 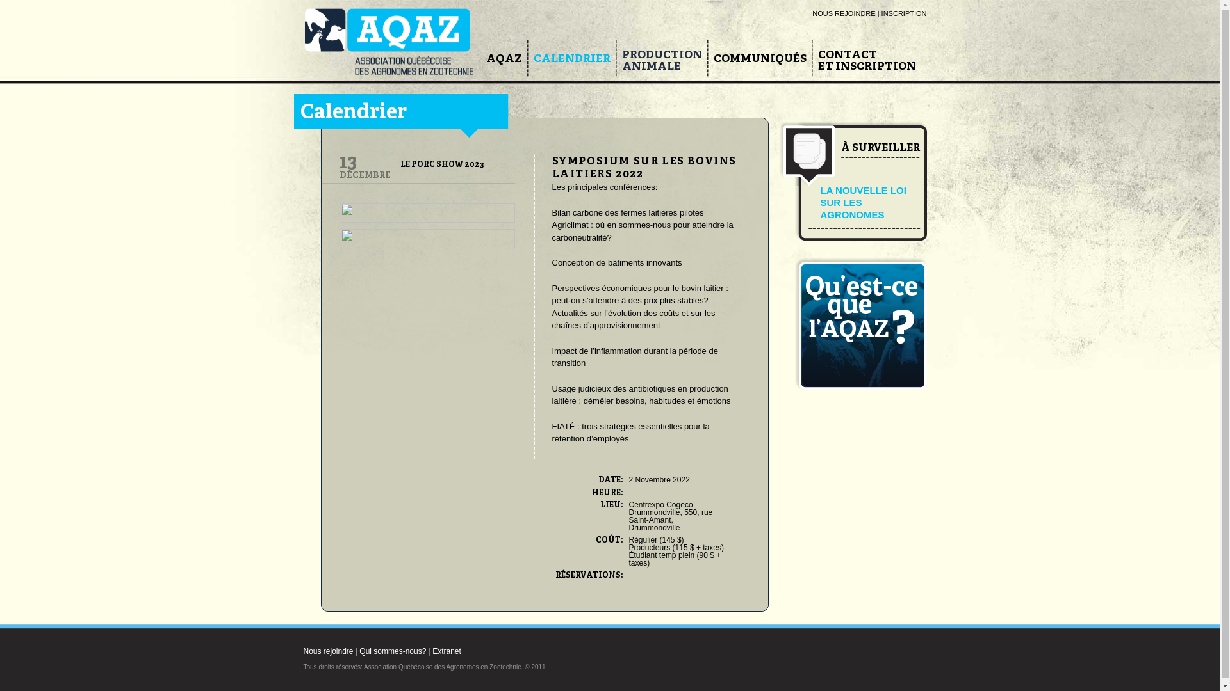 I want to click on 'AQAZ', so click(x=503, y=59).